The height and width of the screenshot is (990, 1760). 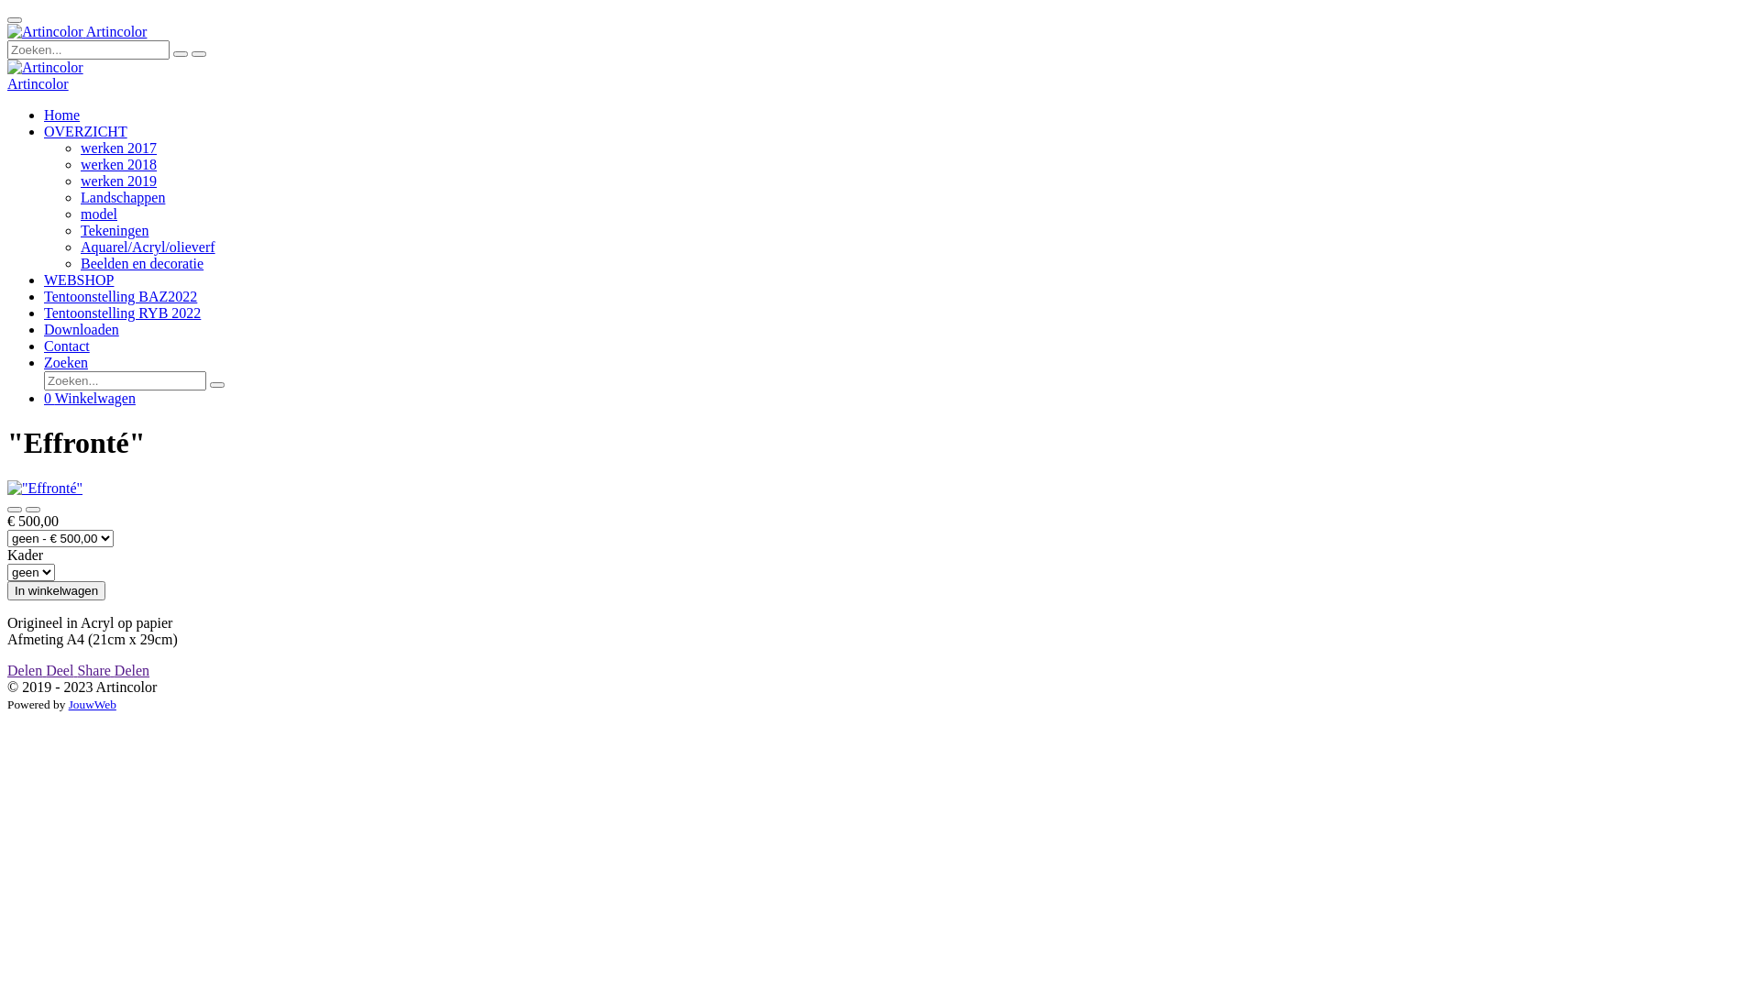 I want to click on 'Artincolor', so click(x=7, y=31).